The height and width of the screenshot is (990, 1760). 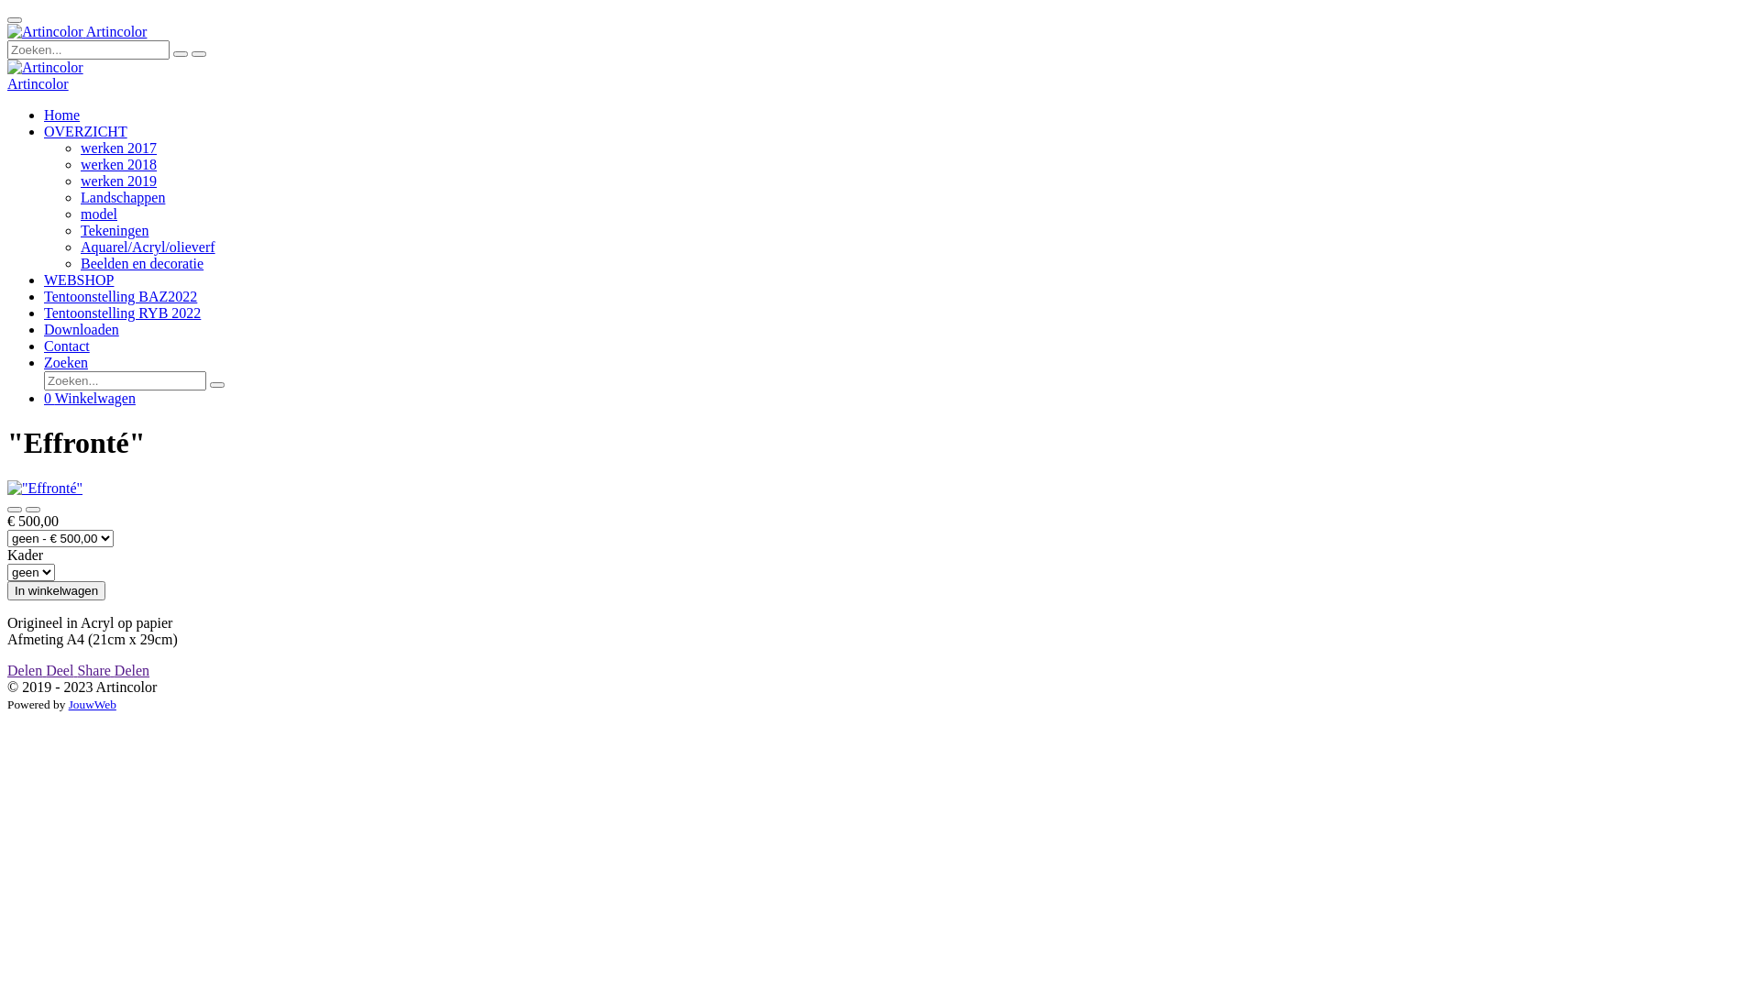 I want to click on 'Artincolor', so click(x=7, y=31).